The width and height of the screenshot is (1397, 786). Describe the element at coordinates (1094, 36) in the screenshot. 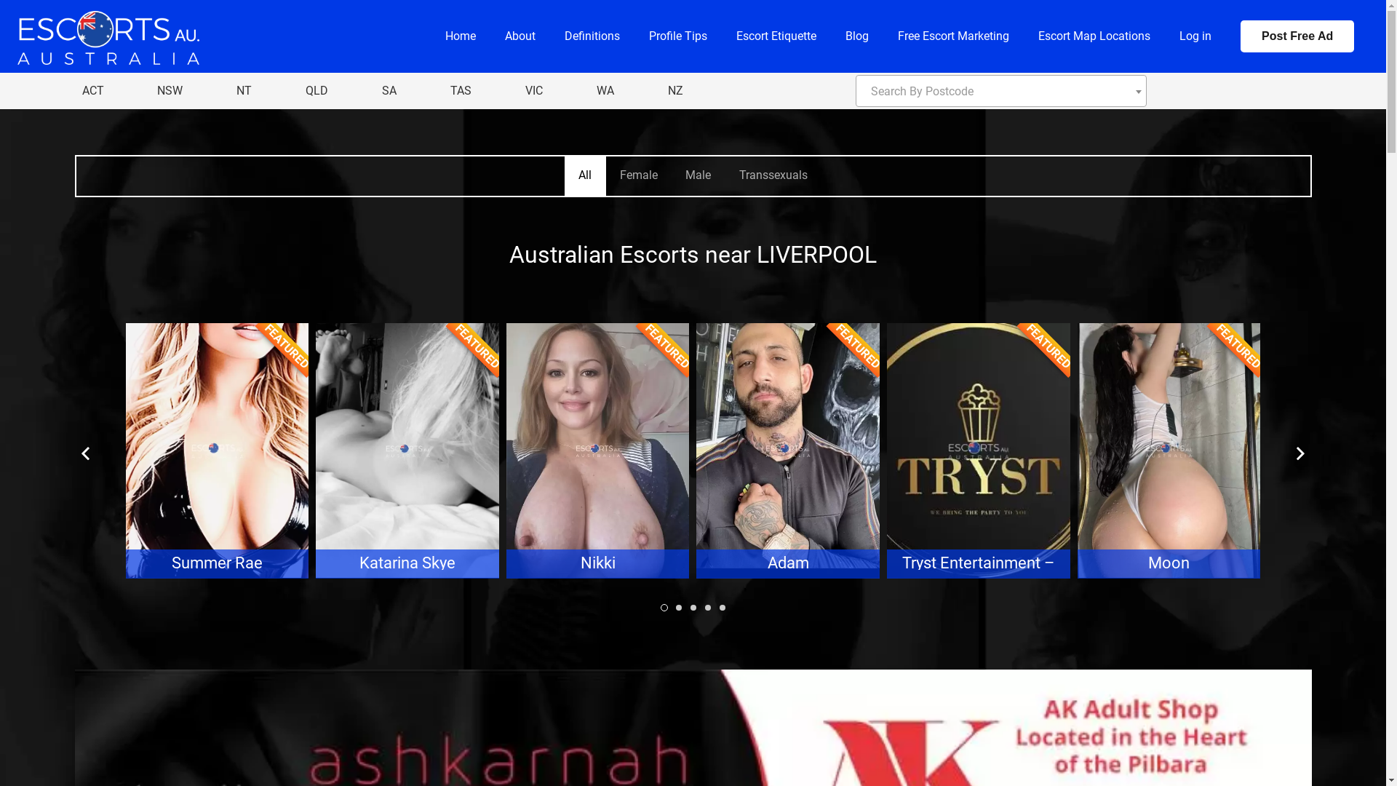

I see `'Escort Map Locations'` at that location.